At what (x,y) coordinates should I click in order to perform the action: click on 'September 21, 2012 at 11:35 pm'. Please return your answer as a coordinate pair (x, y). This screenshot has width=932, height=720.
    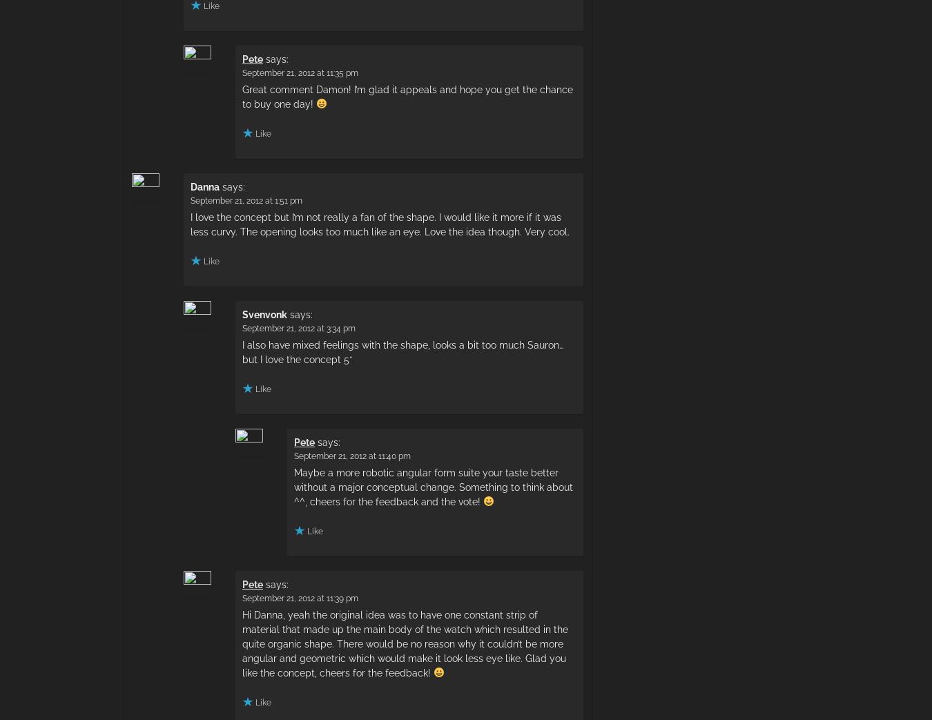
    Looking at the image, I should click on (300, 72).